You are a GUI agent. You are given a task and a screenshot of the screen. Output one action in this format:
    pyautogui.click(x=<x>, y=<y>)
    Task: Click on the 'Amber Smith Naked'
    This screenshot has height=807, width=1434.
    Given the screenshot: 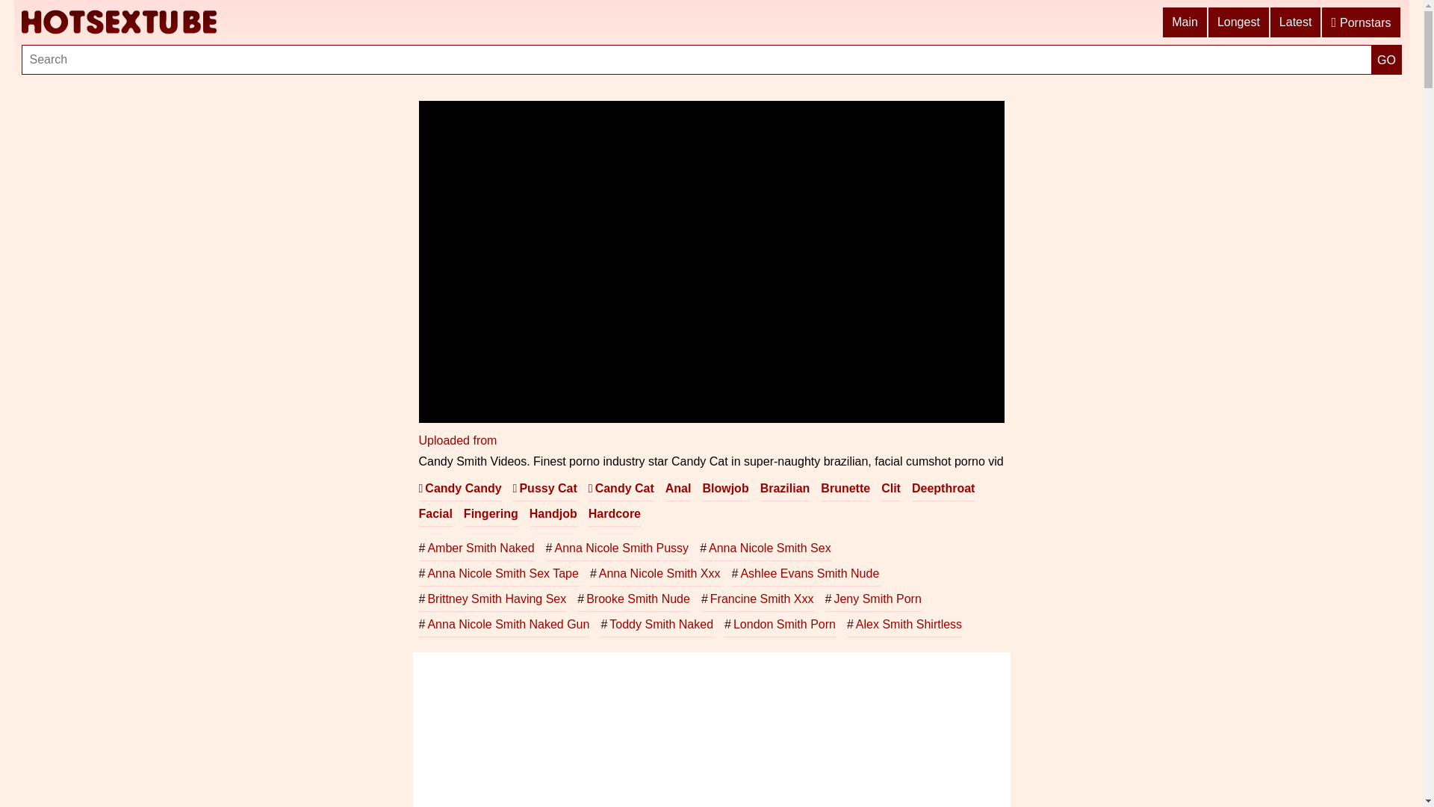 What is the action you would take?
    pyautogui.click(x=475, y=548)
    